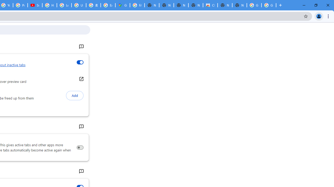  What do you see at coordinates (122, 5) in the screenshot?
I see `'Google Maps'` at bounding box center [122, 5].